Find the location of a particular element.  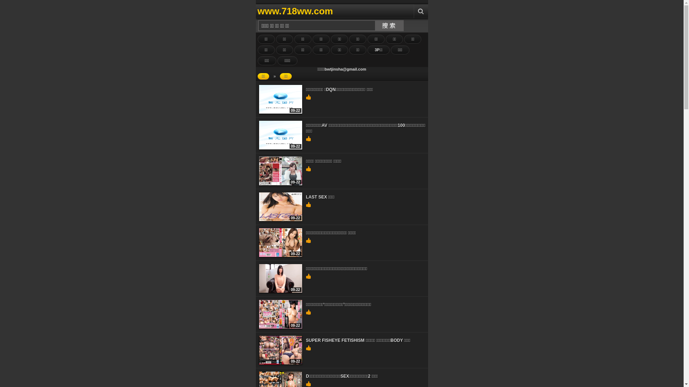

'09-22' is located at coordinates (280, 112).